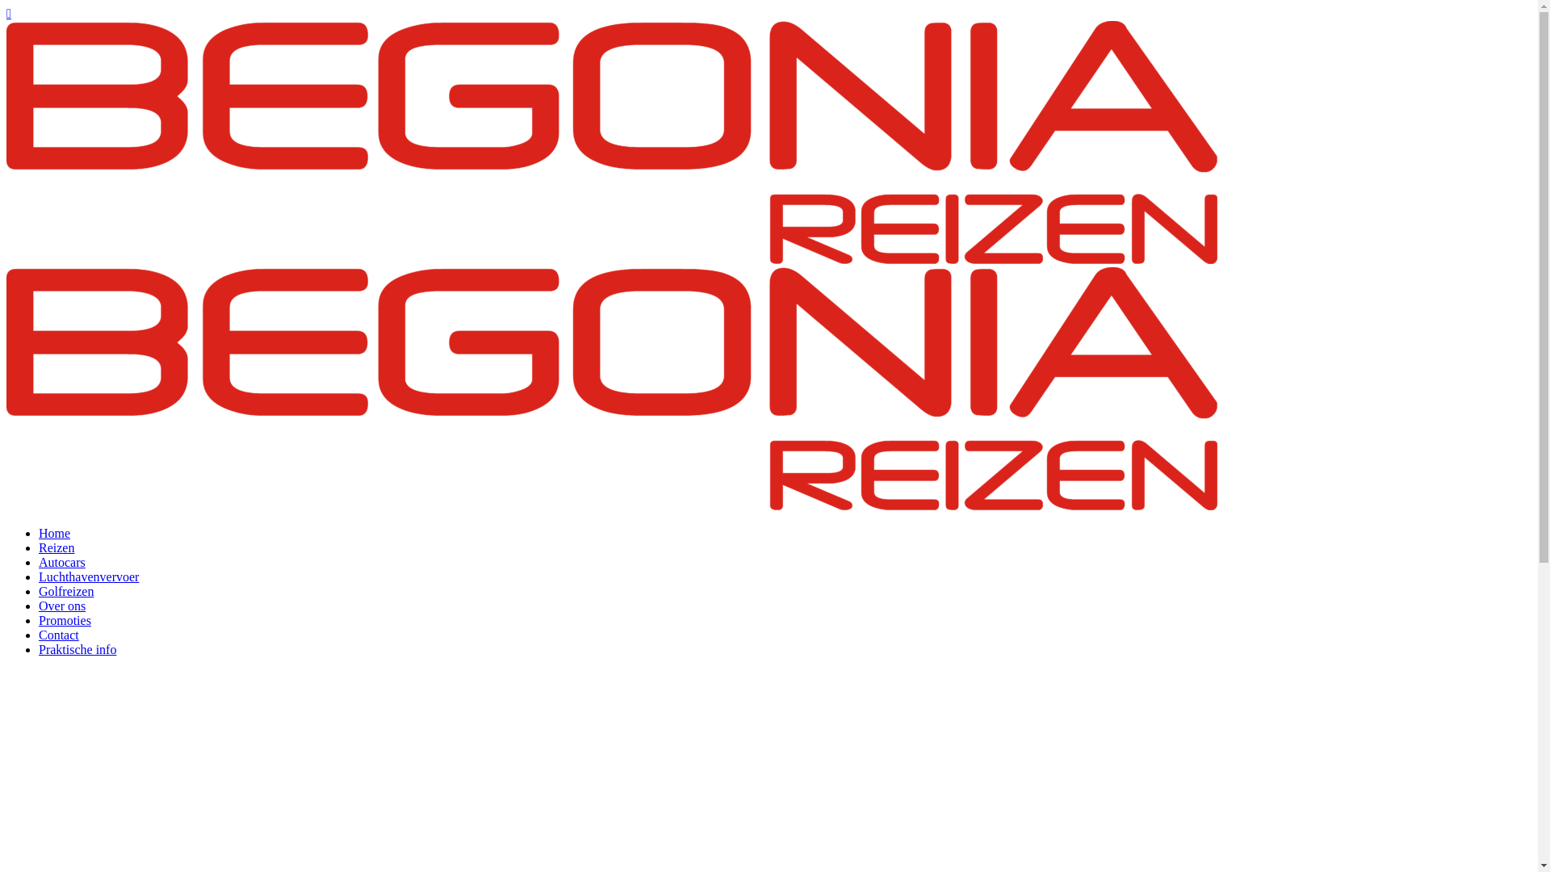 The image size is (1550, 872). Describe the element at coordinates (39, 634) in the screenshot. I see `'Contact'` at that location.